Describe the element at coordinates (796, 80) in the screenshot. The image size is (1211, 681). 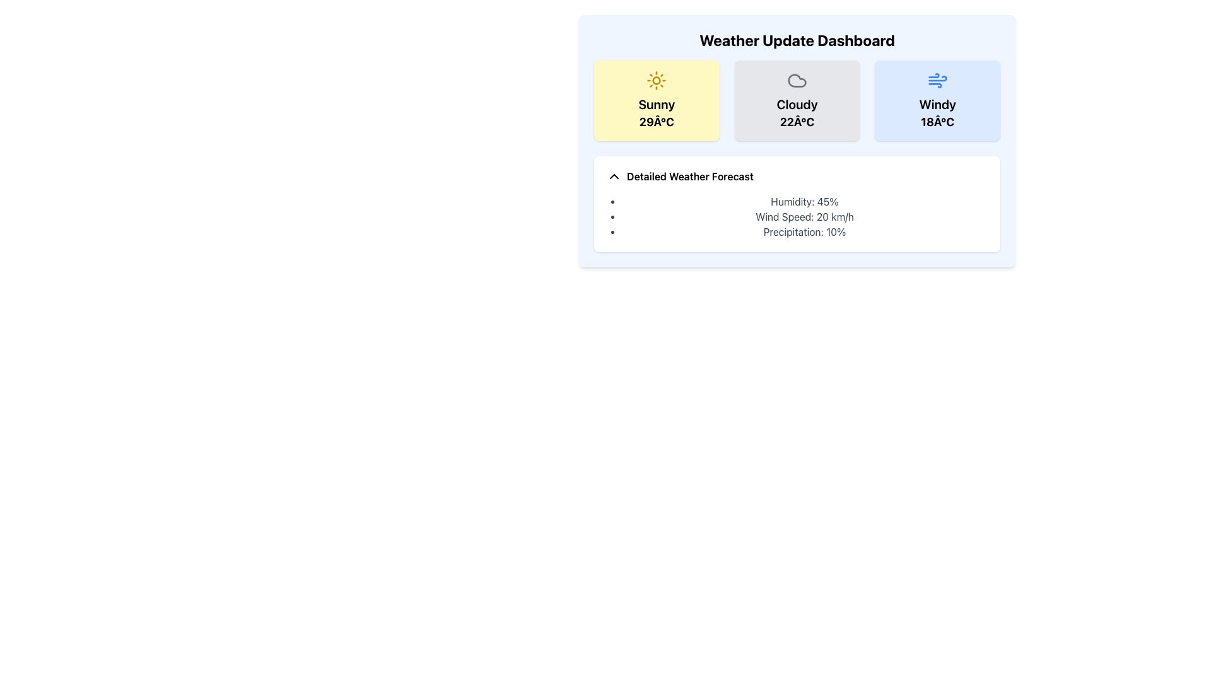
I see `the cloud-shaped graphical icon located in the second panel titled 'Cloudy 22°C', which is centrally aligned within the panel and appears above the descriptive text 'Cloudy 22°C'` at that location.